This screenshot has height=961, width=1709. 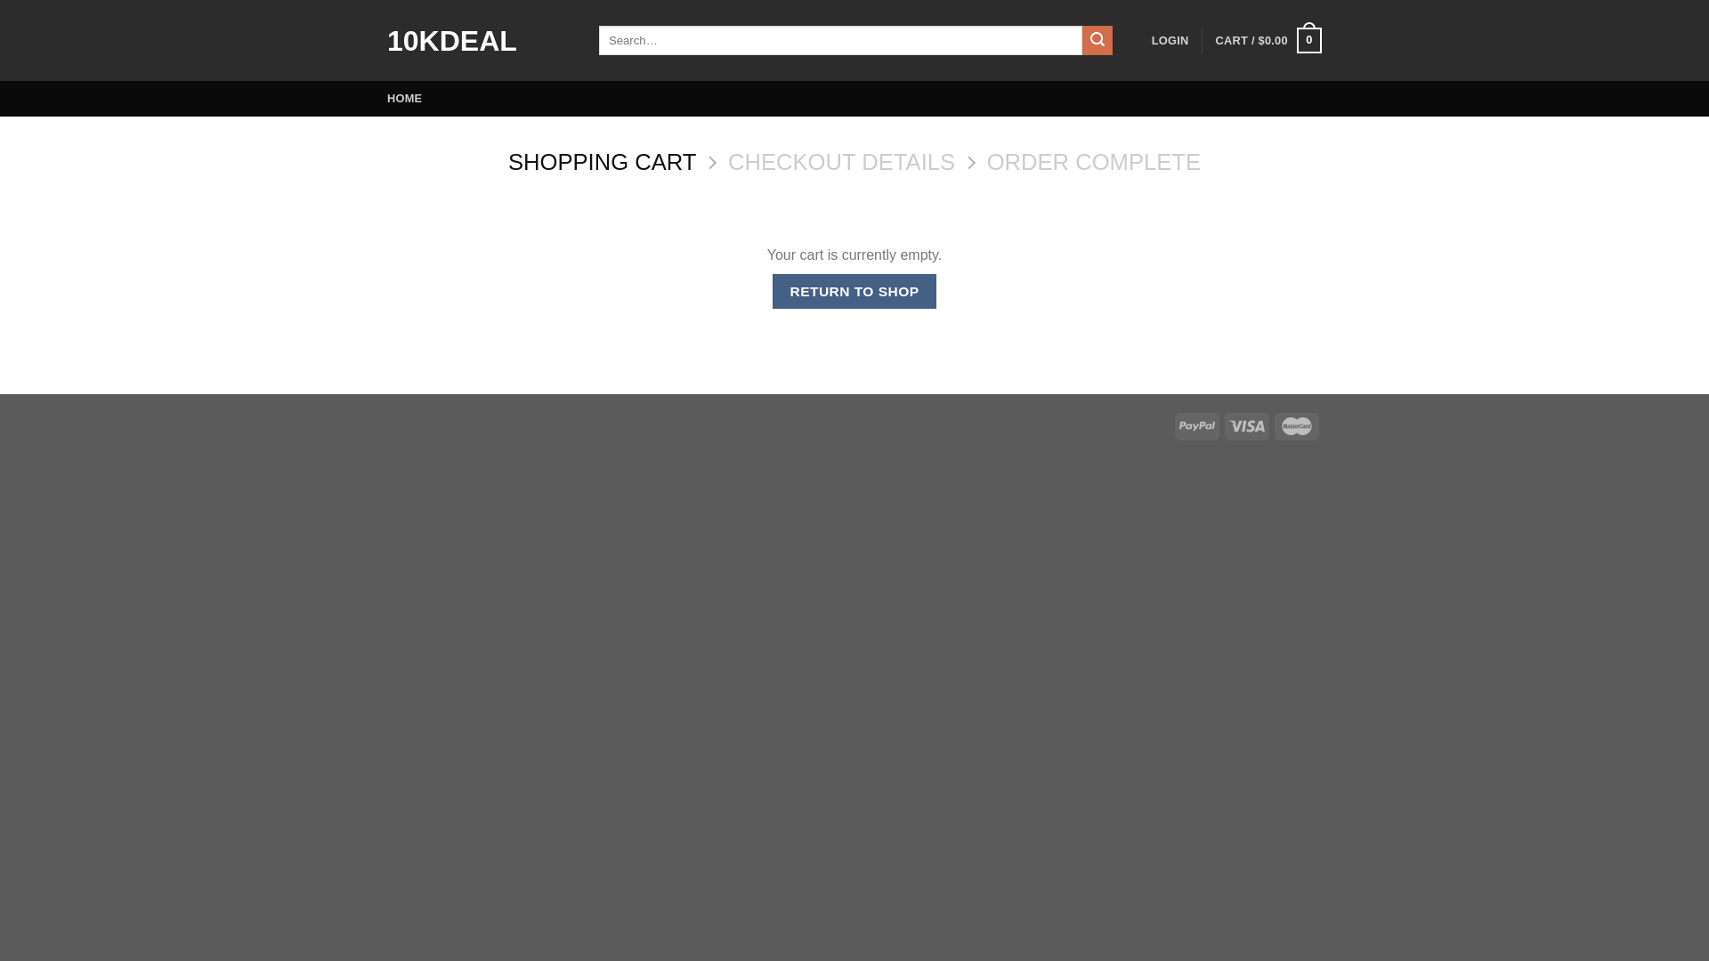 What do you see at coordinates (479, 40) in the screenshot?
I see `'10KDEAL'` at bounding box center [479, 40].